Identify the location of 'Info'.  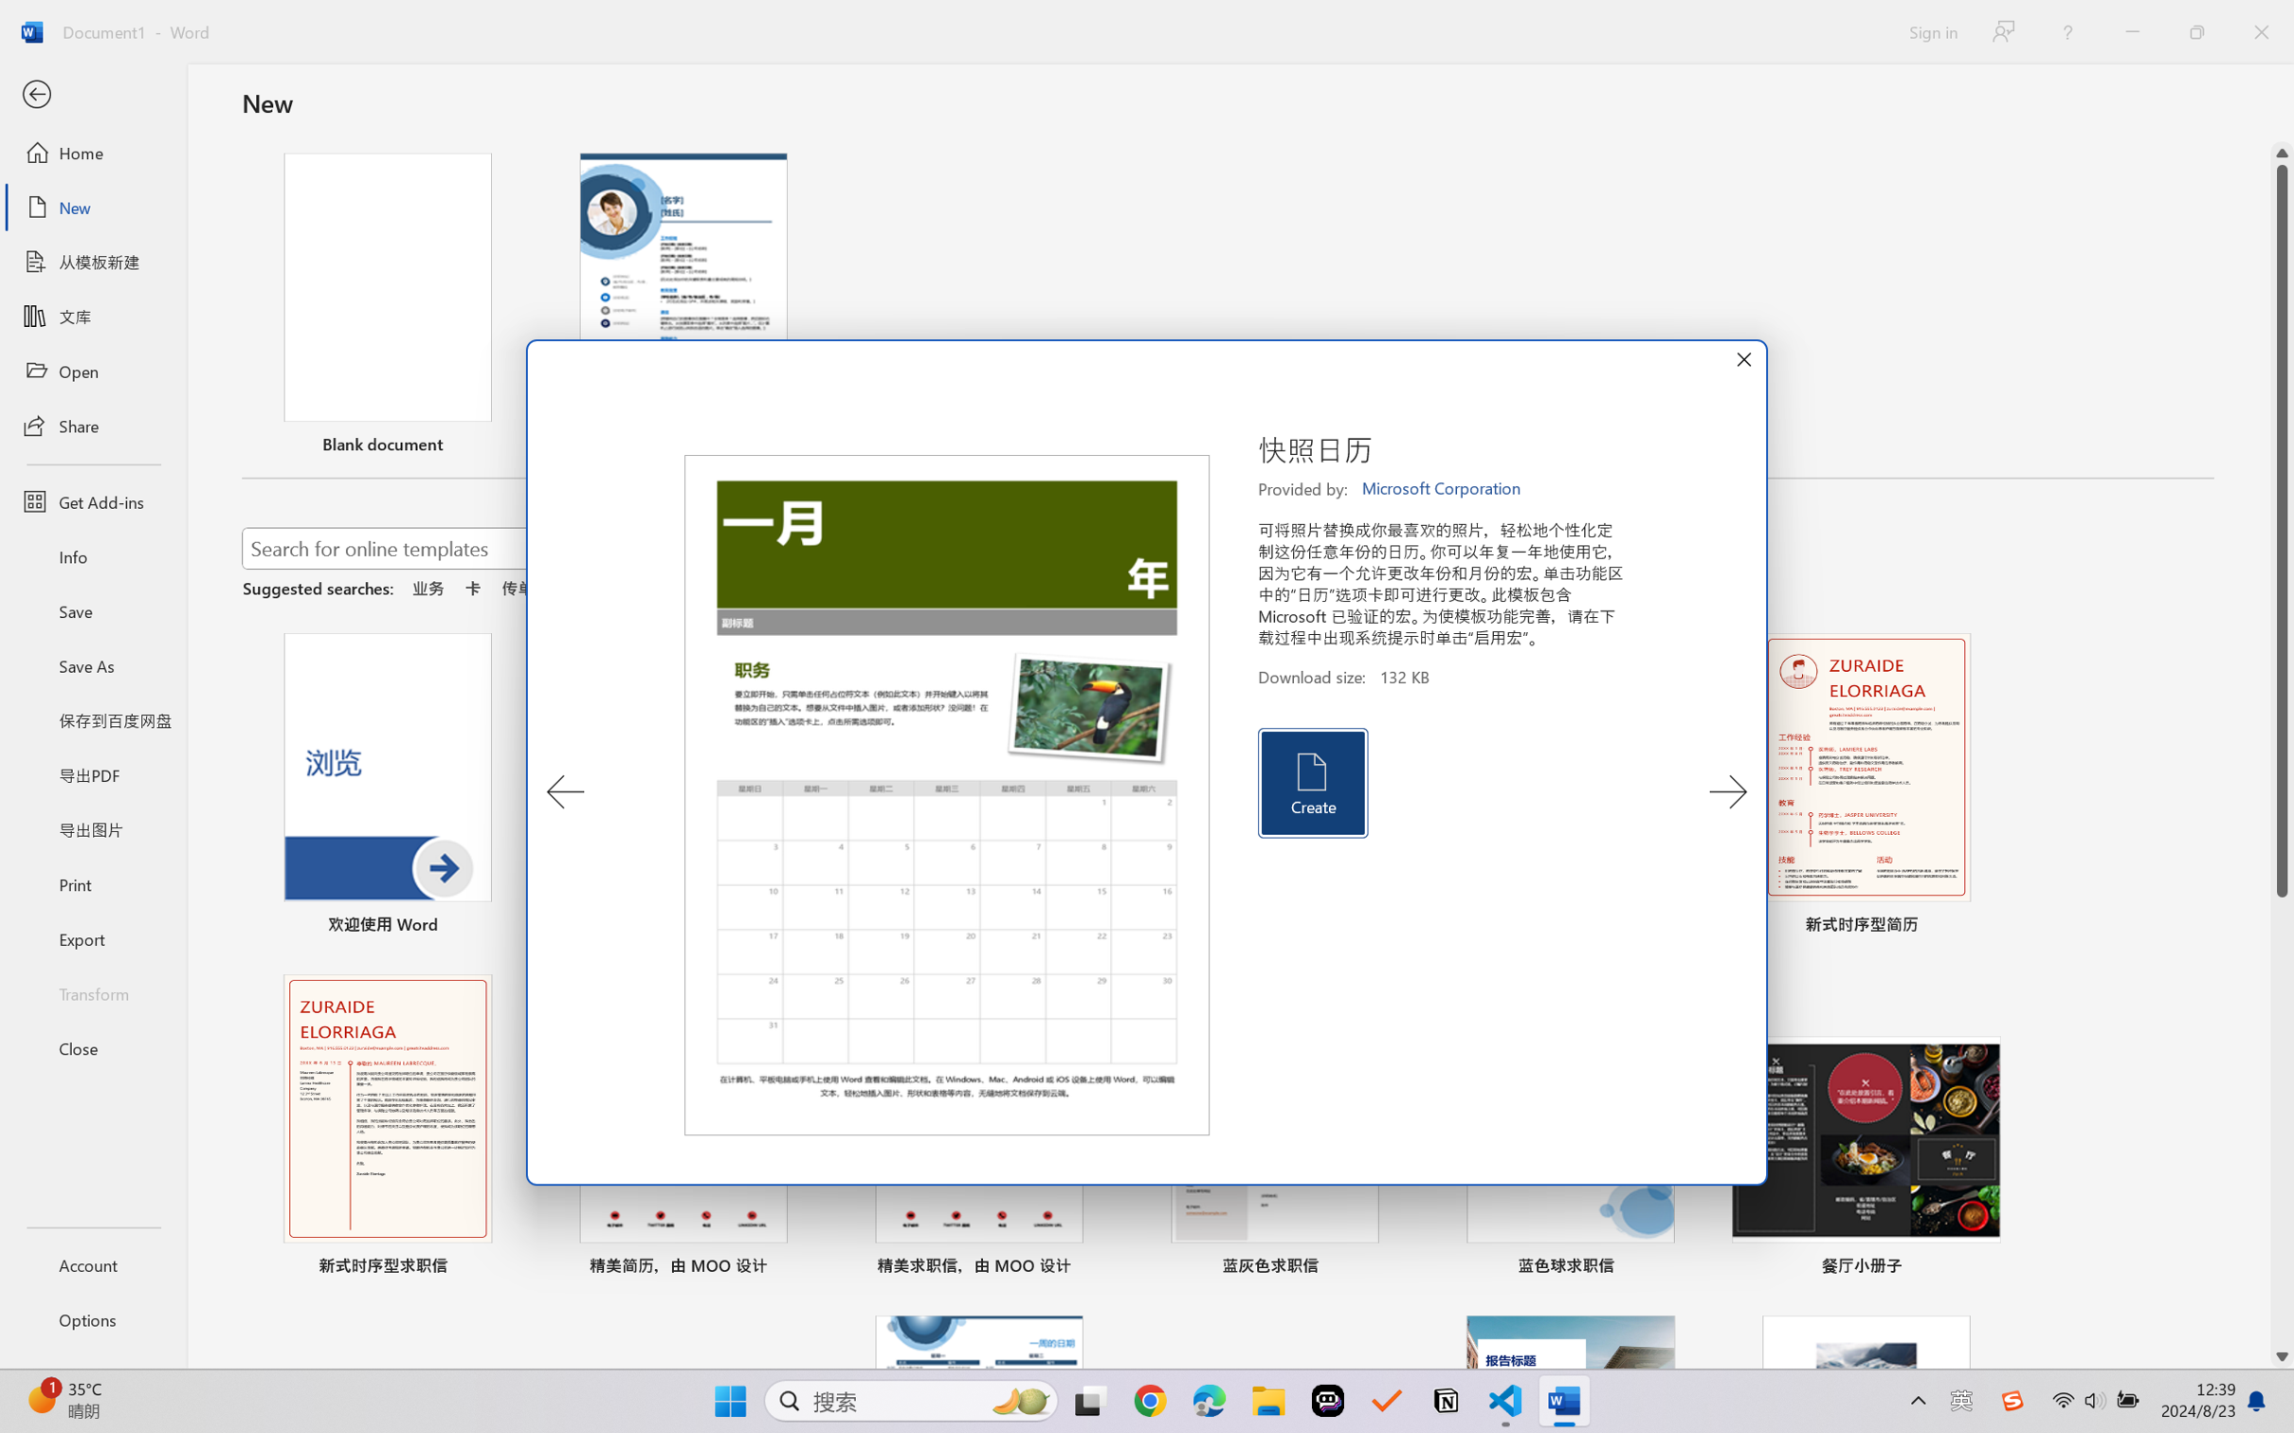
(92, 555).